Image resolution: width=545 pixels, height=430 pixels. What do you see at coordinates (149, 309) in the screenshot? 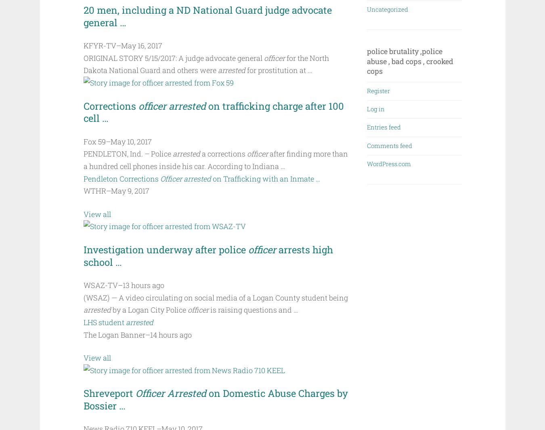
I see `'by a Logan City Police'` at bounding box center [149, 309].